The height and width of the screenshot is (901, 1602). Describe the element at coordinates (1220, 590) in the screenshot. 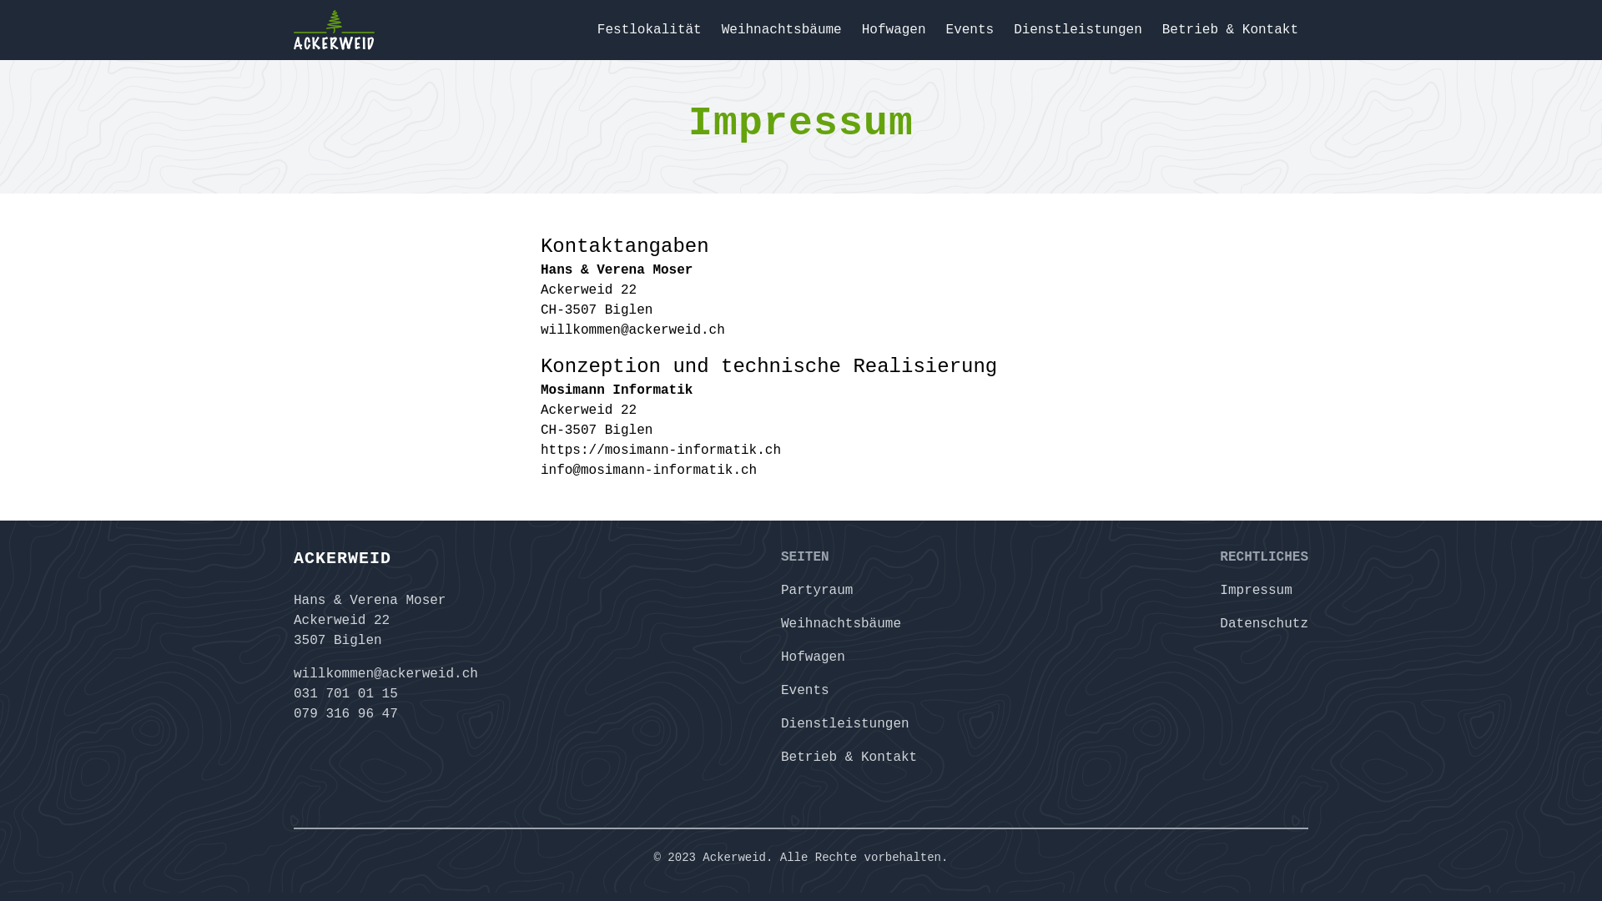

I see `'Impressum'` at that location.